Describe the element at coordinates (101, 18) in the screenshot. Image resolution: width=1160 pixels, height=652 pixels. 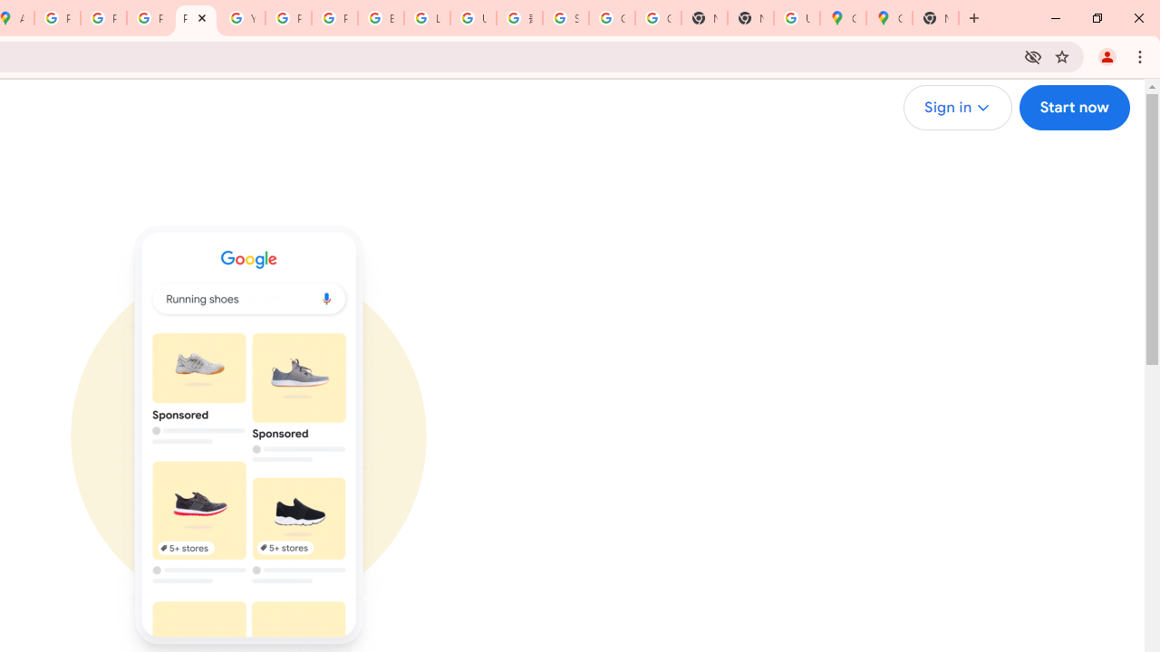
I see `'Privacy Help Center - Policies Help'` at that location.